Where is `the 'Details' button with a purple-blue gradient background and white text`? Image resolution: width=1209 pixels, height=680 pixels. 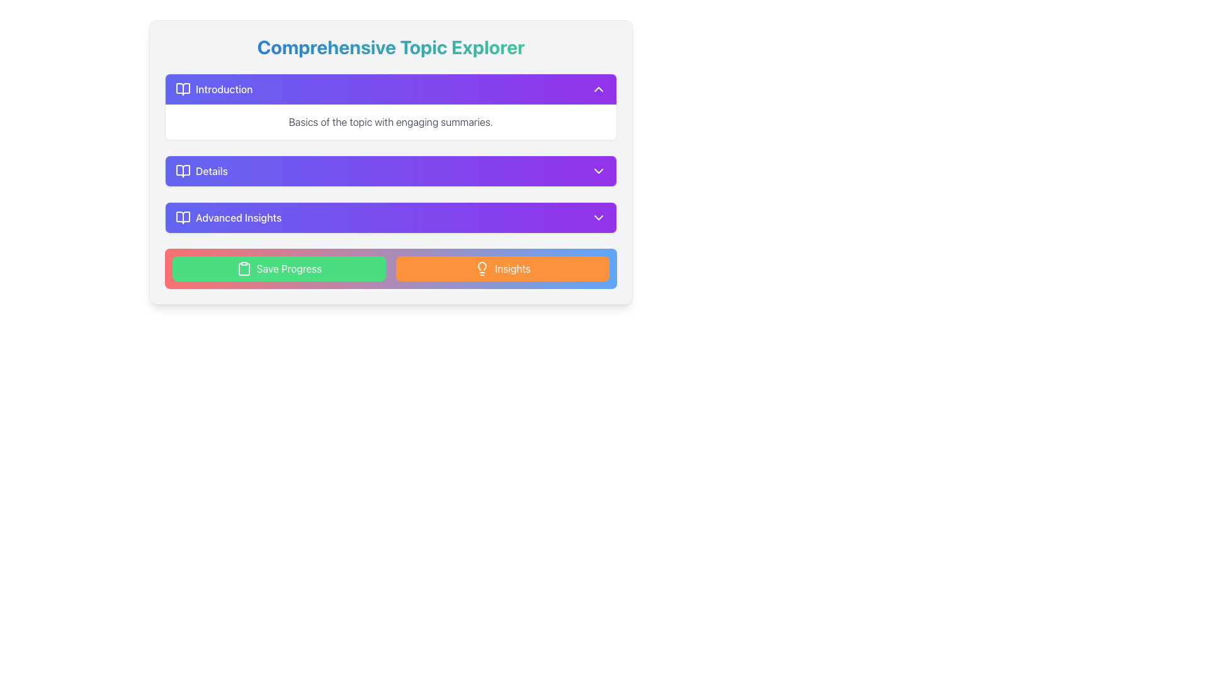 the 'Details' button with a purple-blue gradient background and white text is located at coordinates (201, 171).